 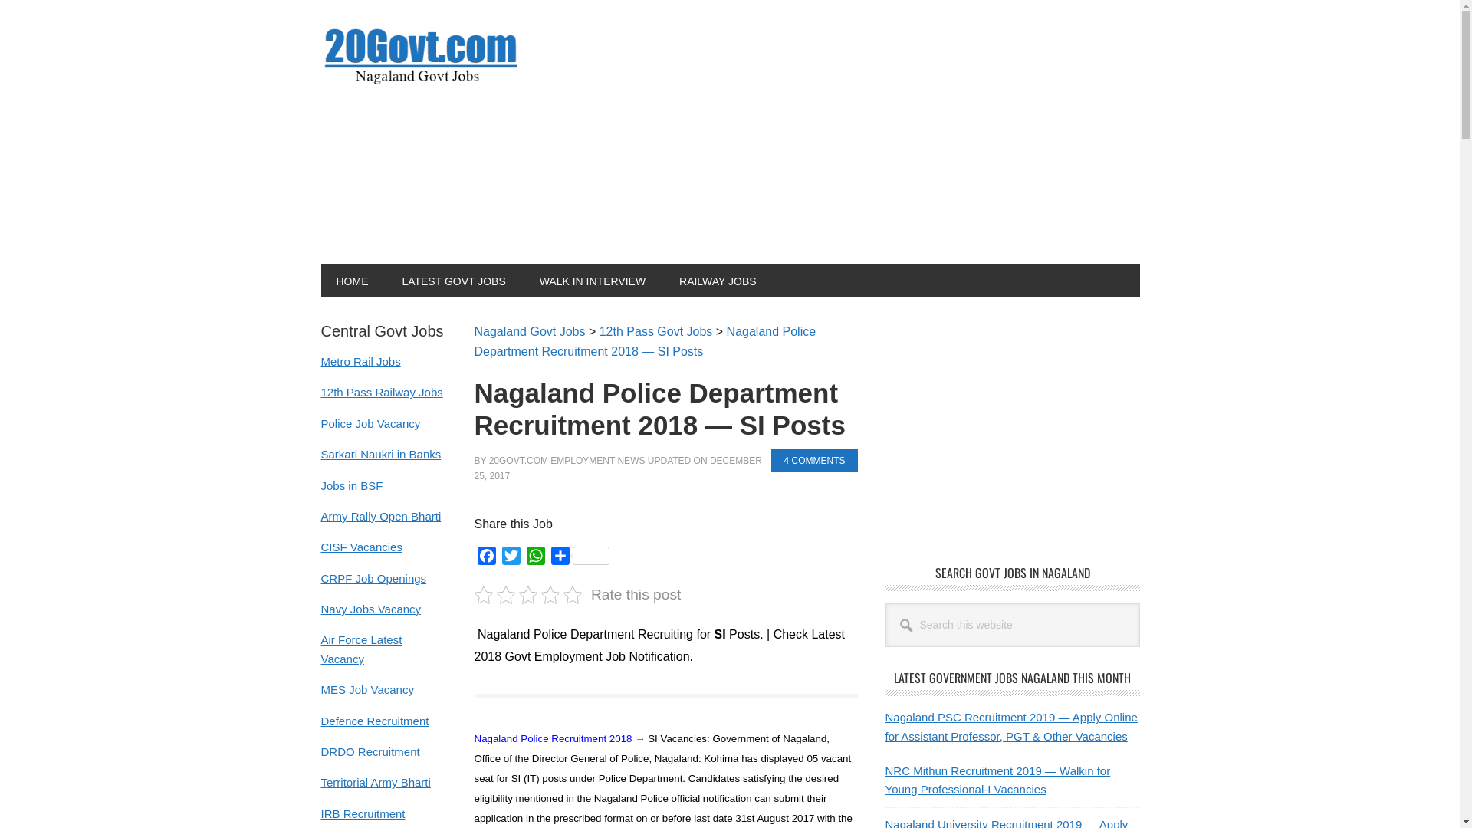 What do you see at coordinates (591, 281) in the screenshot?
I see `'WALK IN INTERVIEW'` at bounding box center [591, 281].